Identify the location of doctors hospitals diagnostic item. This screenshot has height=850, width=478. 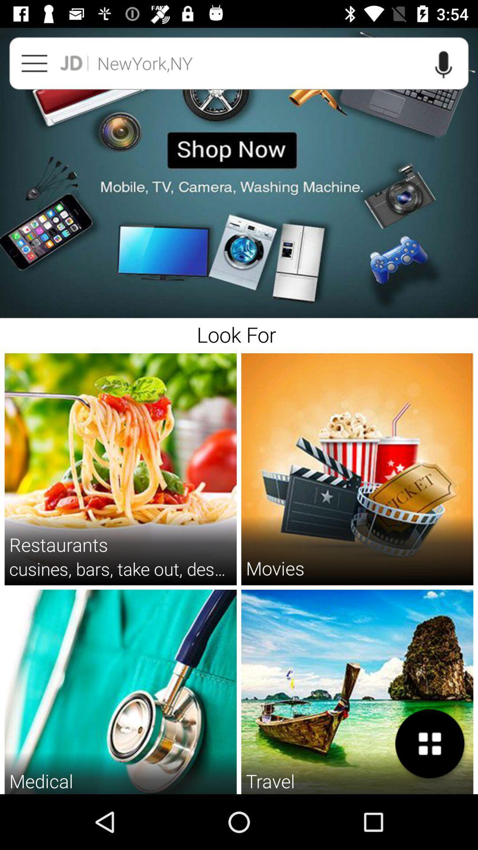
(120, 794).